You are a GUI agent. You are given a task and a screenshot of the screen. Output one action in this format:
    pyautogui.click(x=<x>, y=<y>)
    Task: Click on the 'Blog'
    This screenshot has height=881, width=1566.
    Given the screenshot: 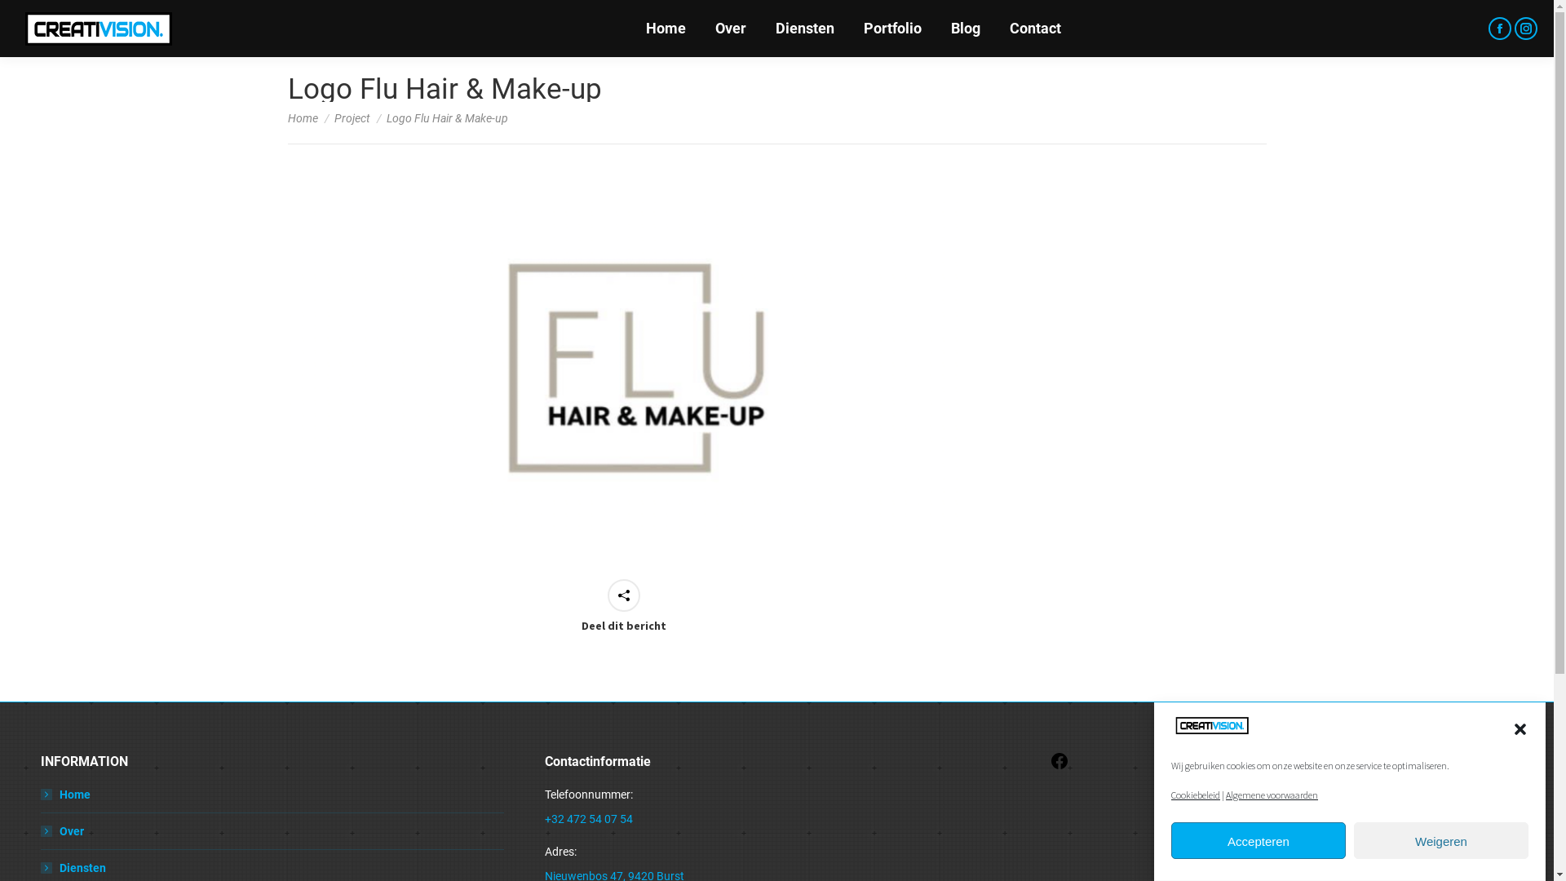 What is the action you would take?
    pyautogui.click(x=966, y=28)
    